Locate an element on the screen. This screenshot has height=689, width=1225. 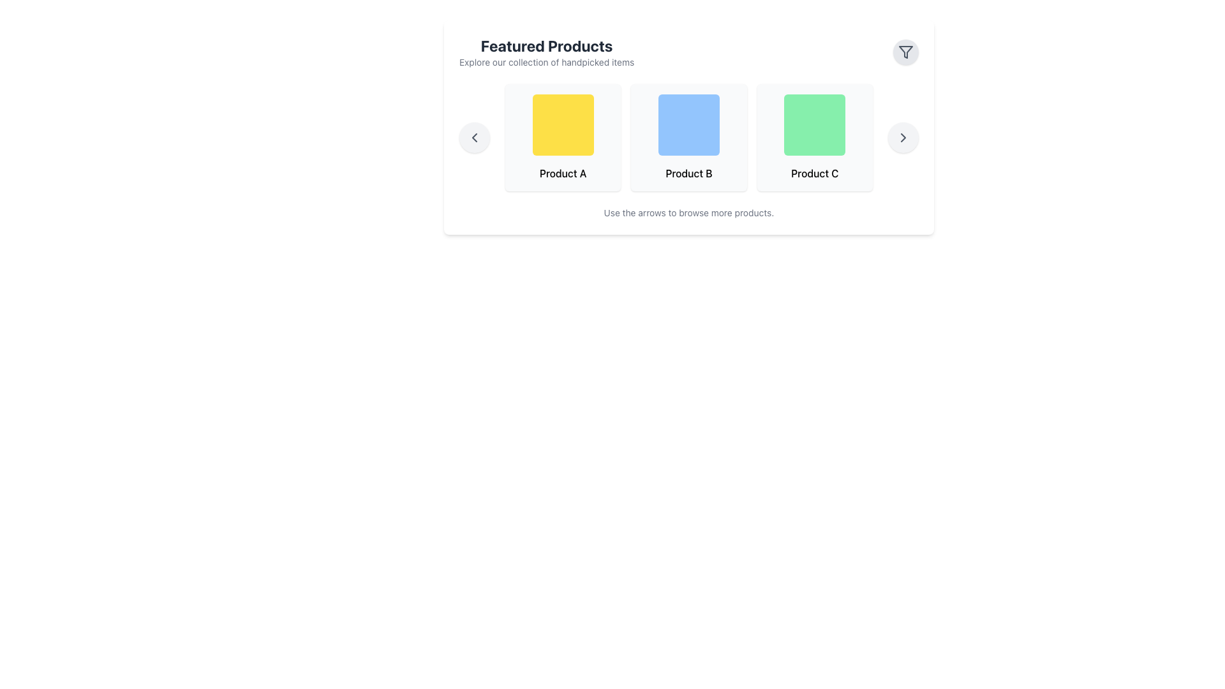
the text label that identifies the product in the leftmost card, located at the bottom of the card beneath a yellow square is located at coordinates (562, 174).